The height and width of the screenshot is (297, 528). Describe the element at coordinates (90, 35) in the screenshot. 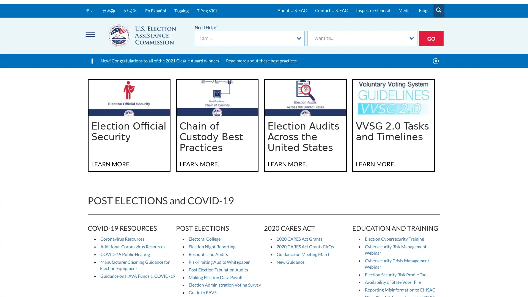

I see `Menu` at that location.